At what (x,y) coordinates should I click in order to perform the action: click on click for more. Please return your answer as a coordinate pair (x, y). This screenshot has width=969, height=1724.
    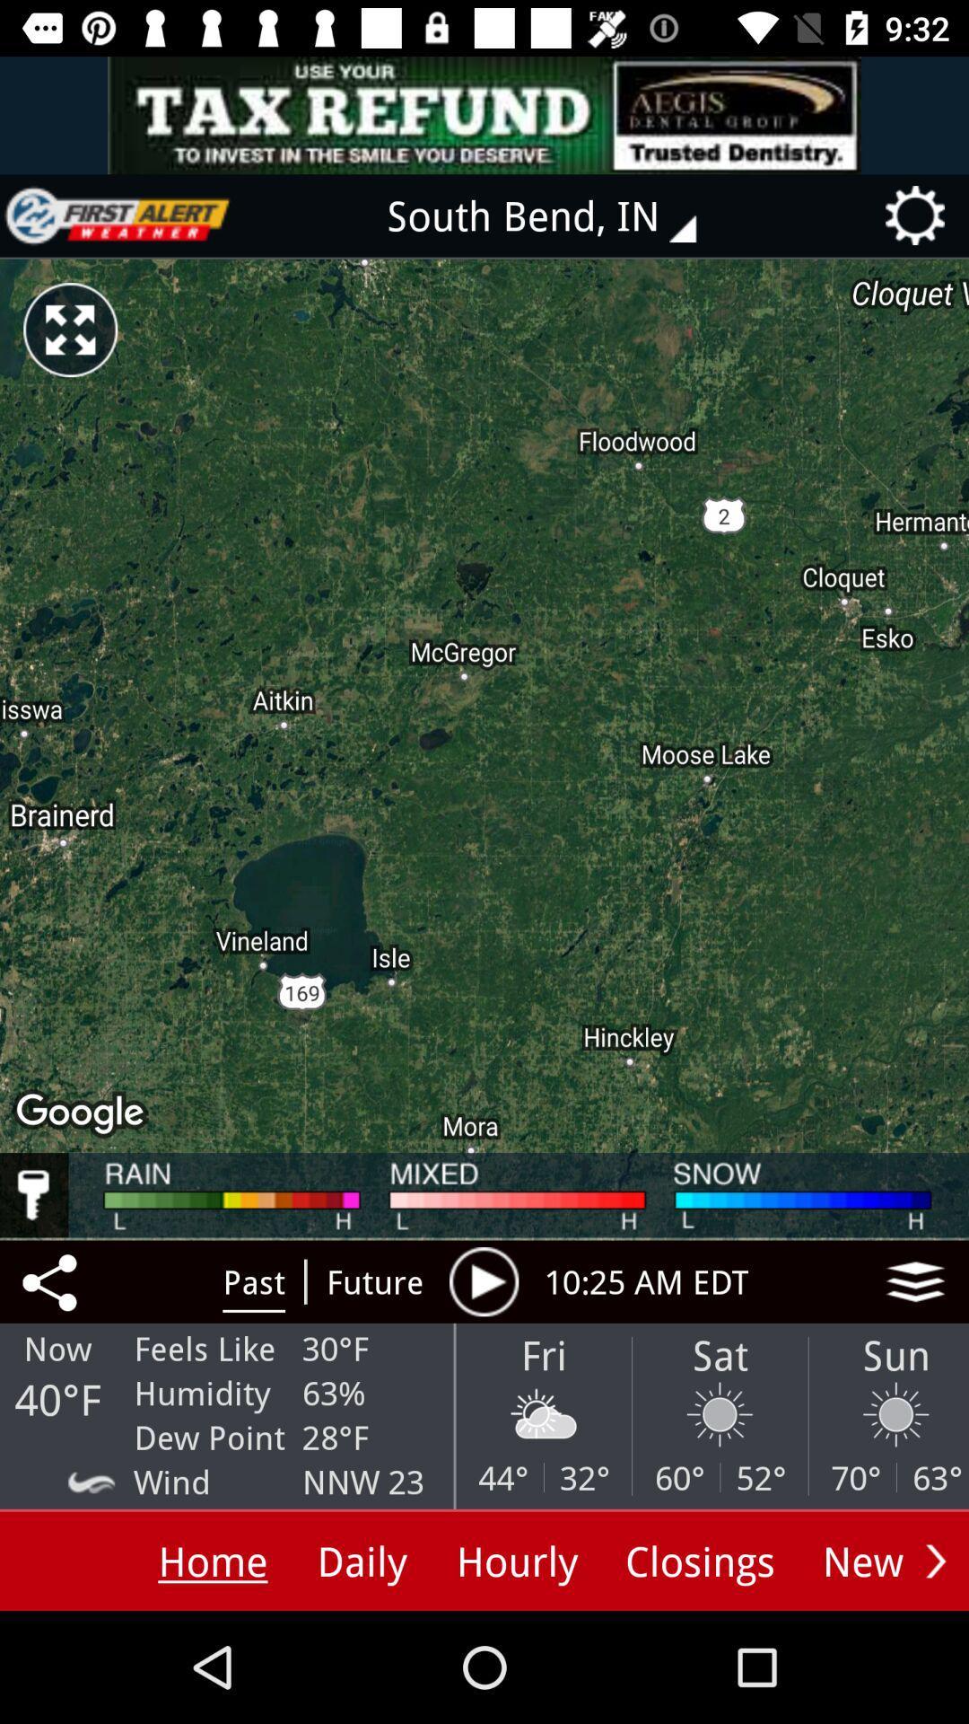
    Looking at the image, I should click on (915, 1280).